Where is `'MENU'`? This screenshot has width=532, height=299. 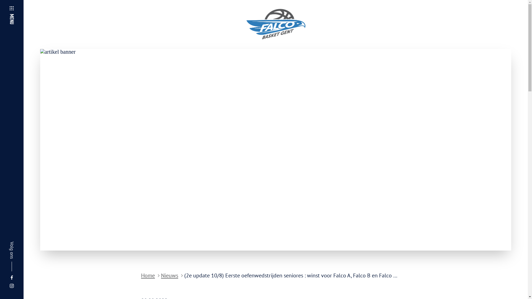
'MENU' is located at coordinates (18, 9).